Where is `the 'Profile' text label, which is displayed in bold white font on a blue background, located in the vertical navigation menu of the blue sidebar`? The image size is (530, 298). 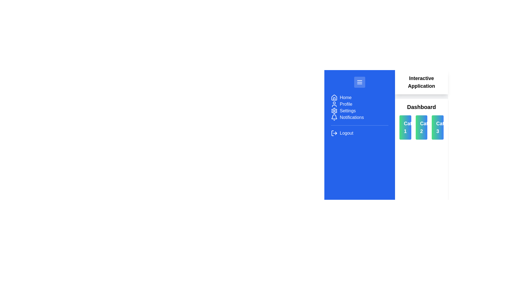 the 'Profile' text label, which is displayed in bold white font on a blue background, located in the vertical navigation menu of the blue sidebar is located at coordinates (346, 104).